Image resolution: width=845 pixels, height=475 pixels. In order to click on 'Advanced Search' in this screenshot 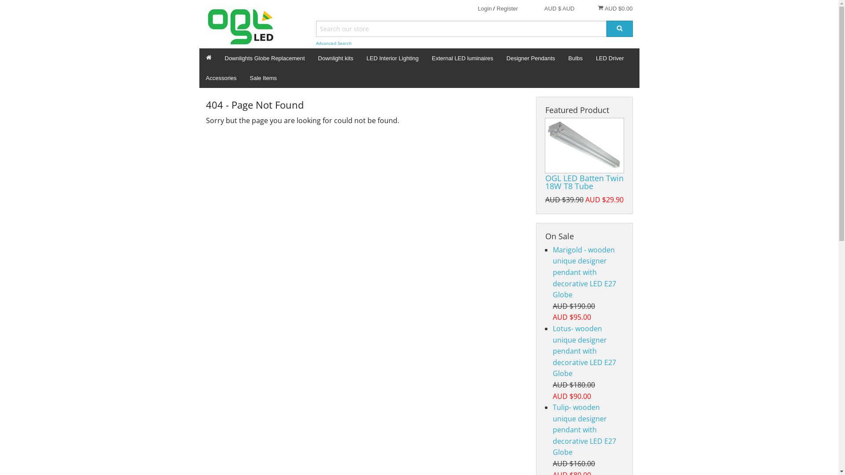, I will do `click(333, 43)`.